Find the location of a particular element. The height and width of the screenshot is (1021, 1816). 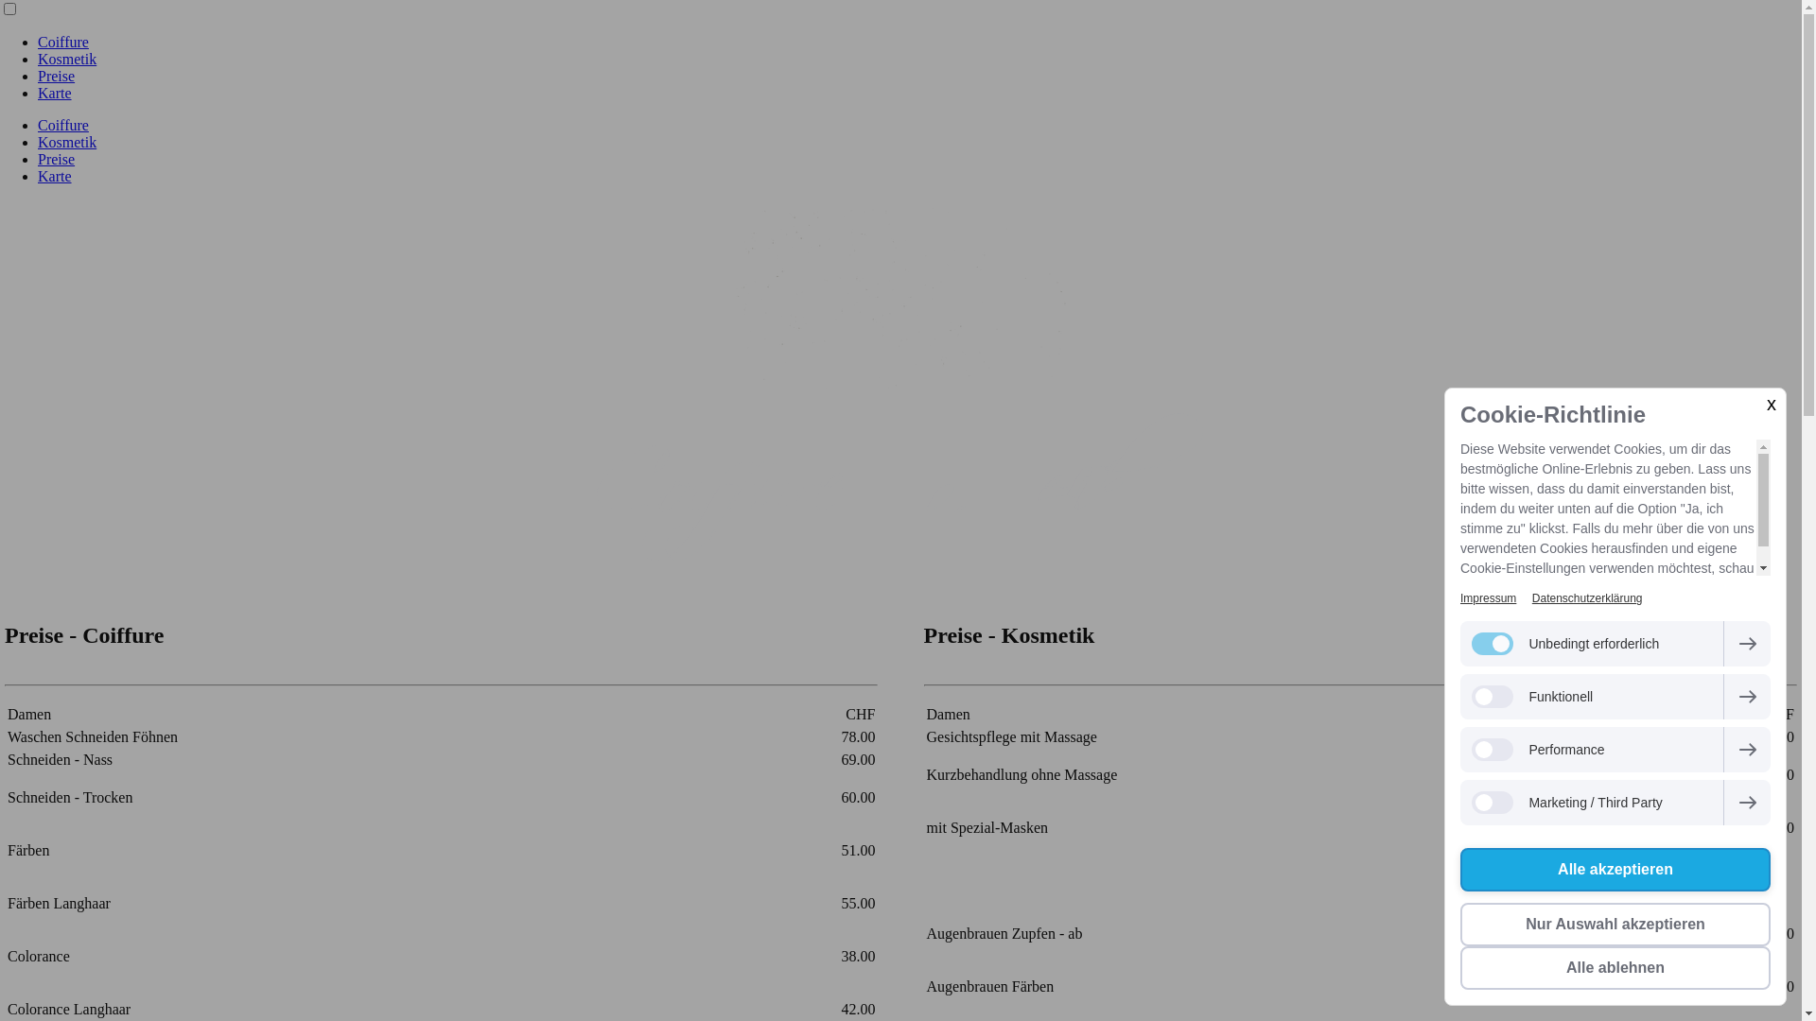

'Nur Auswahl akzeptieren' is located at coordinates (1459, 924).